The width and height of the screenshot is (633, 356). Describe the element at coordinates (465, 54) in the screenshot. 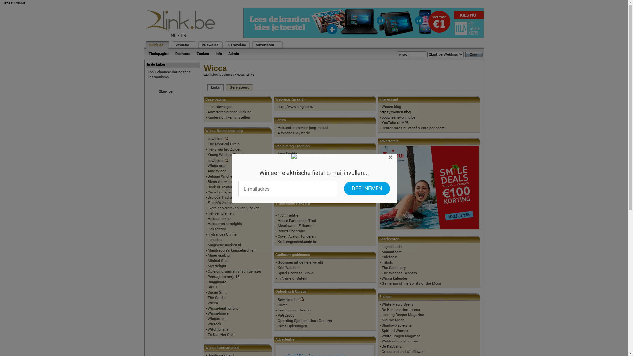

I see `'Zoek'` at that location.